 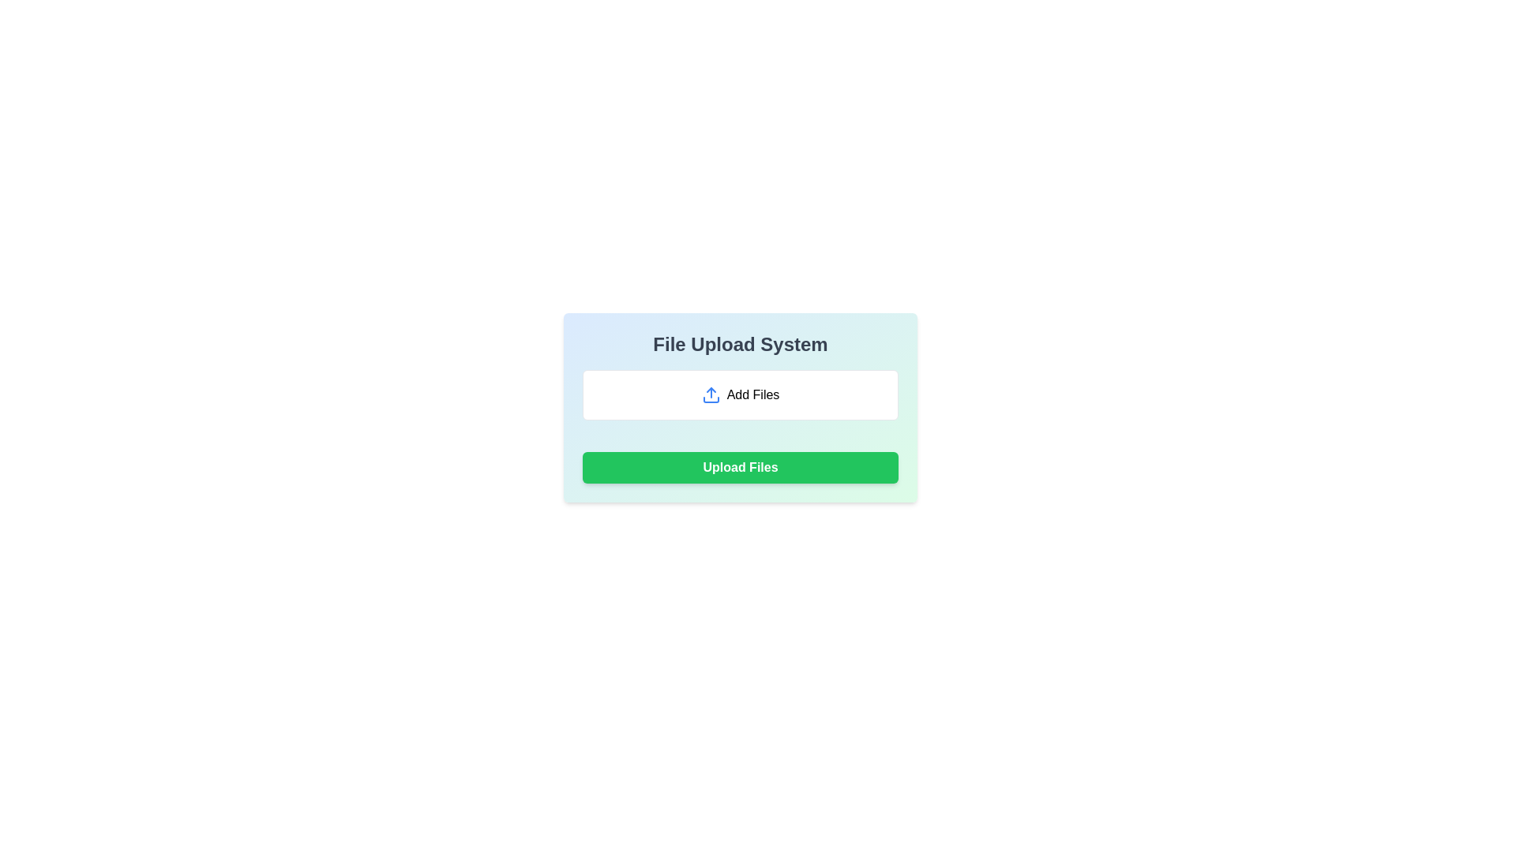 What do you see at coordinates (739, 467) in the screenshot?
I see `the upload button located below the 'Add Files' button` at bounding box center [739, 467].